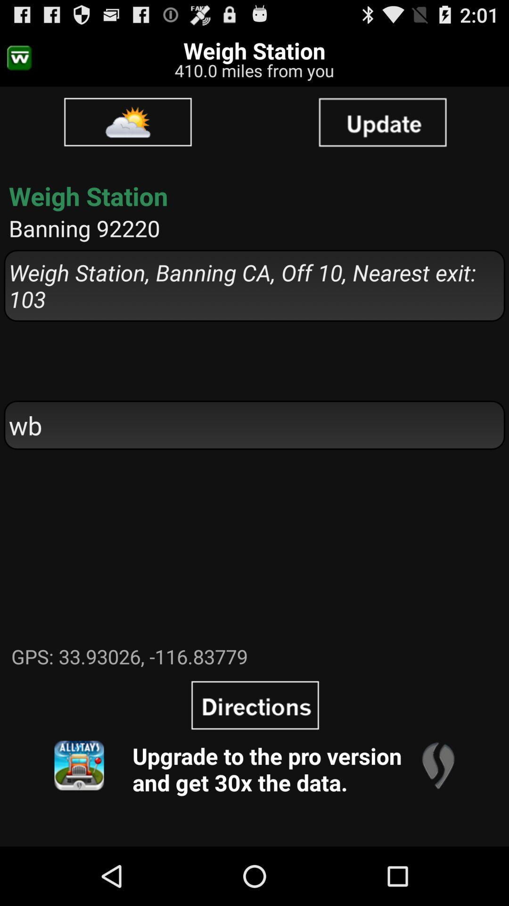 The image size is (509, 906). I want to click on item at the top right corner, so click(382, 121).